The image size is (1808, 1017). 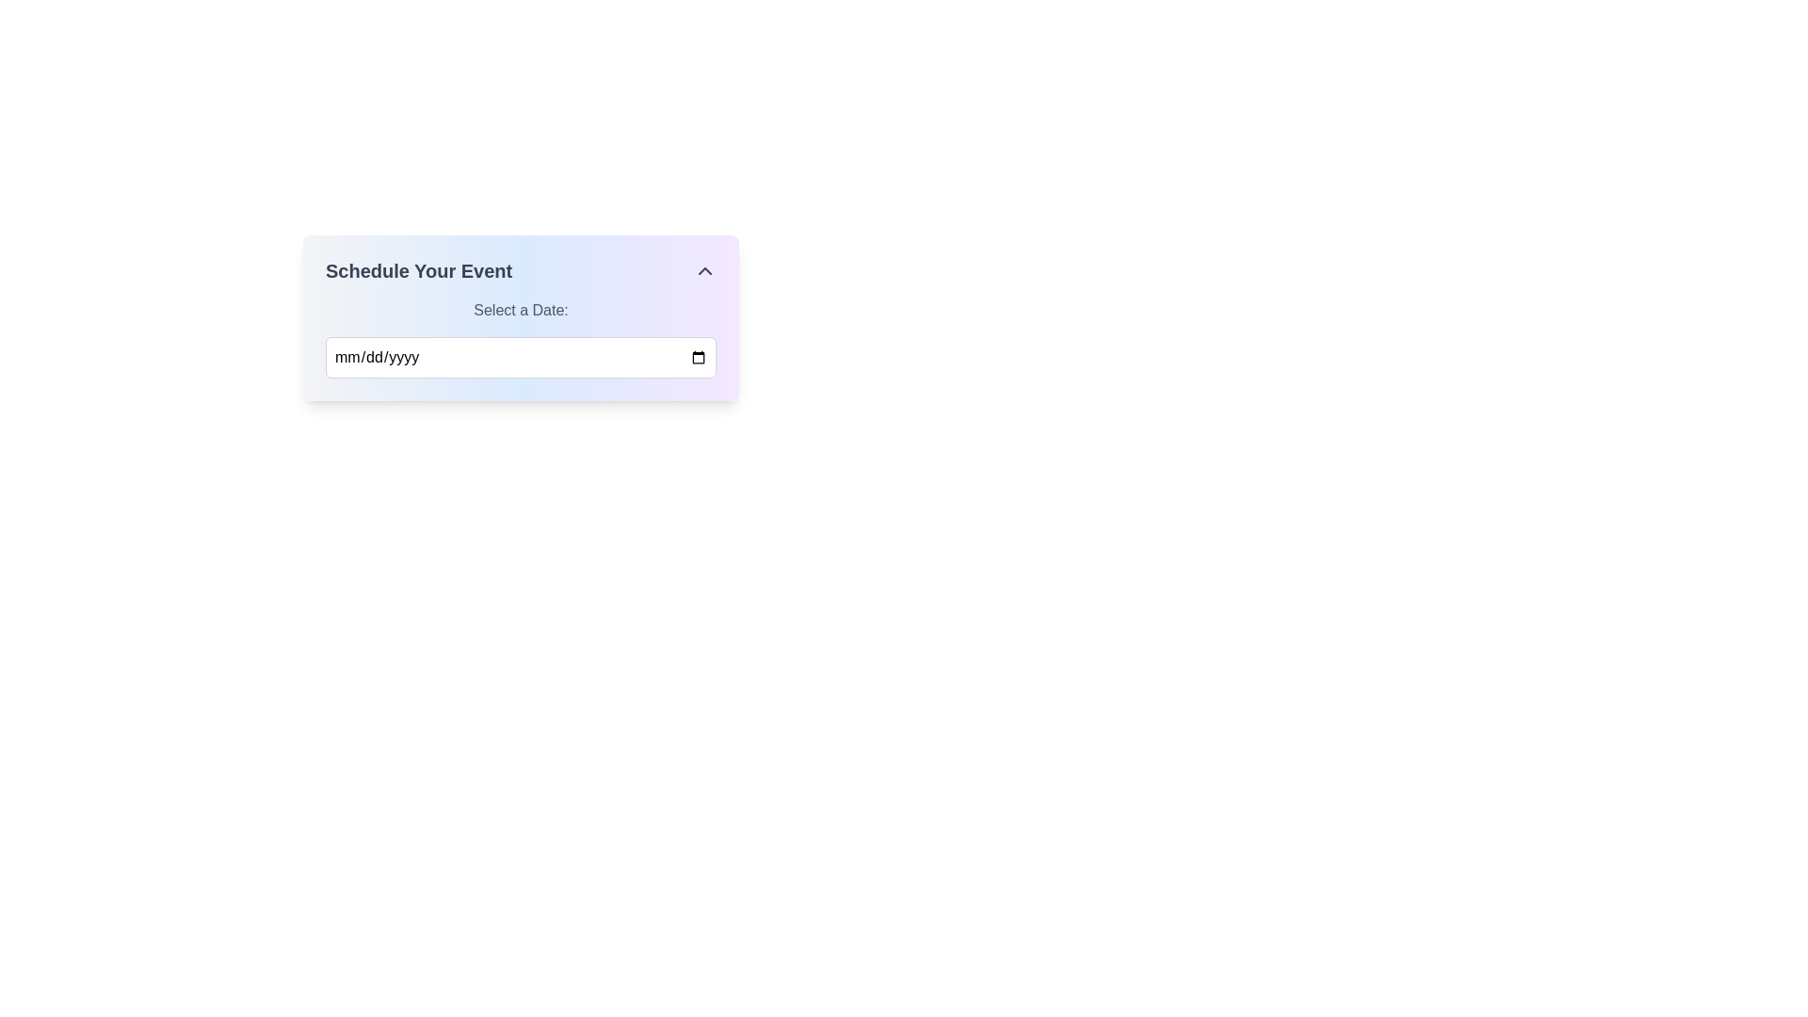 I want to click on the upward-pointing chevron icon button located at the top-right corner of the 'Schedule Your Event' section, so click(x=703, y=271).